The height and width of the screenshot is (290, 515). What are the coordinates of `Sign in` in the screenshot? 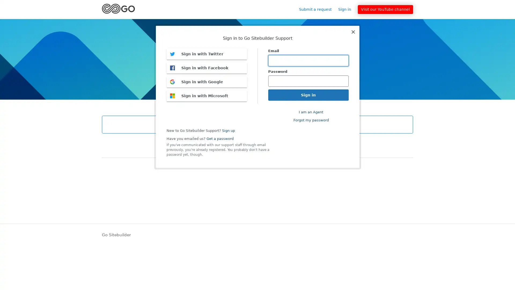 It's located at (347, 9).